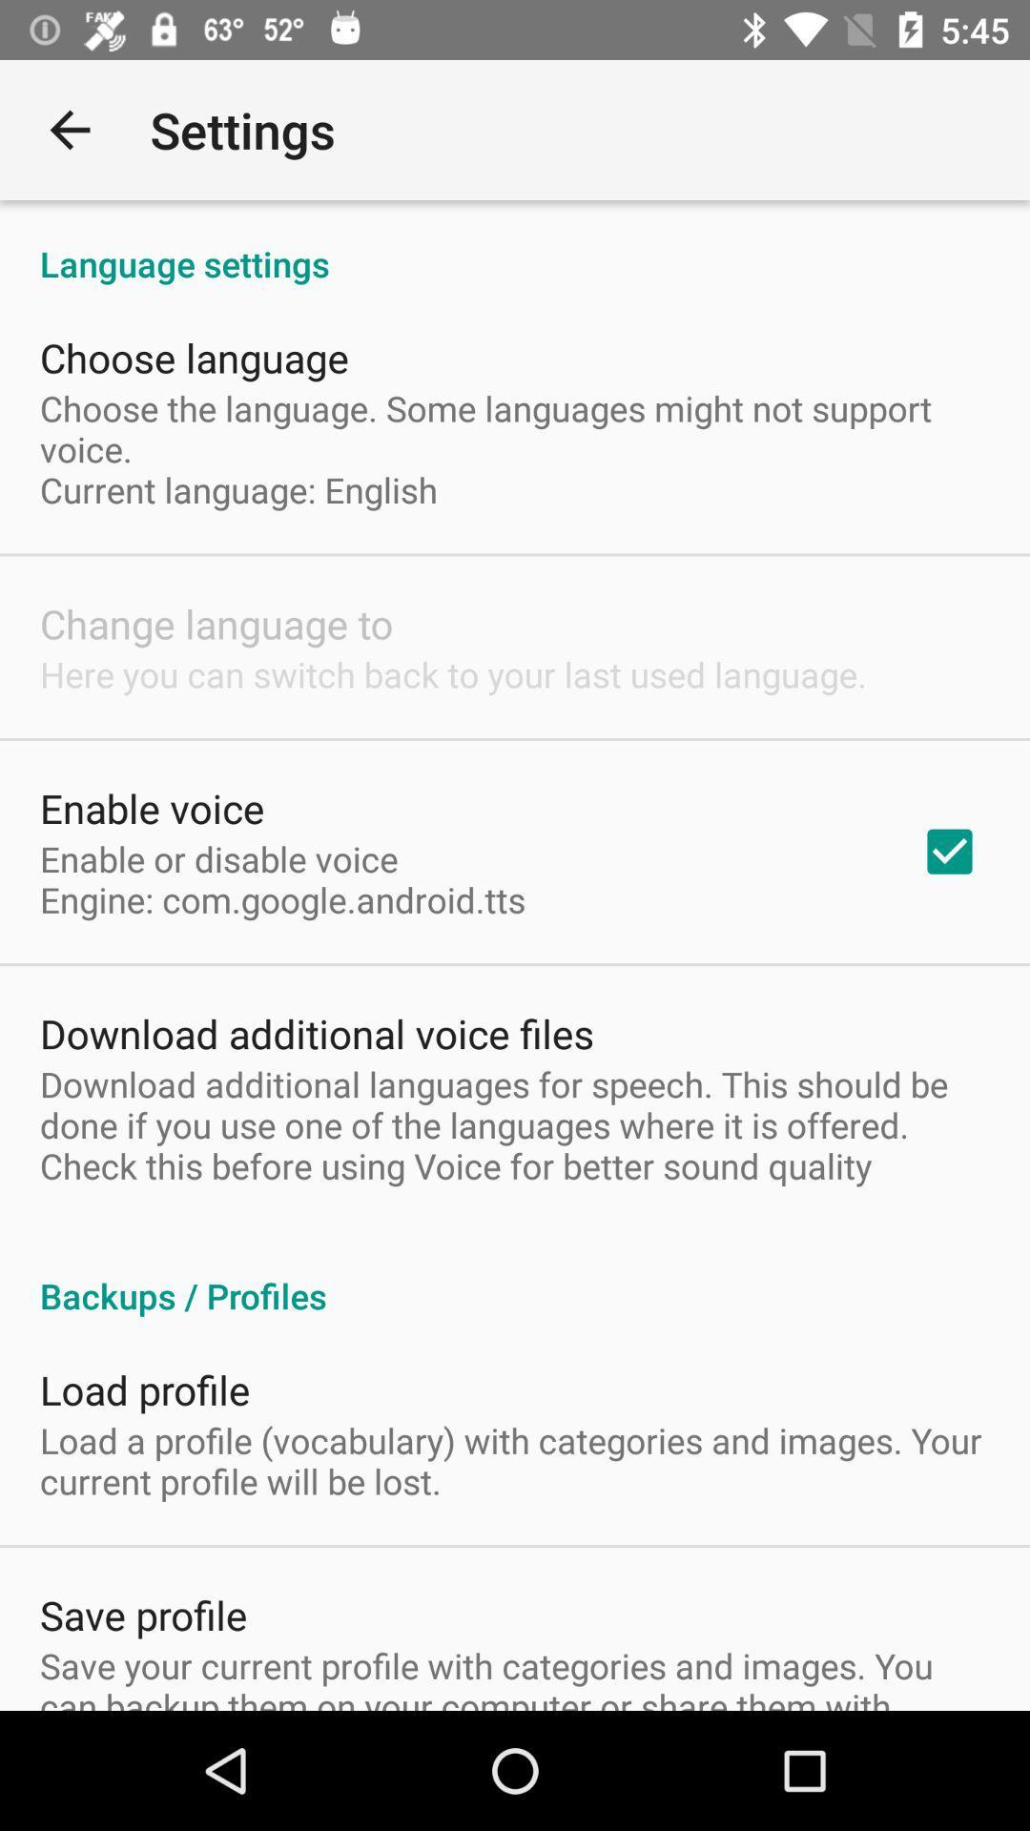  Describe the element at coordinates (949, 851) in the screenshot. I see `the item above the download additional languages app` at that location.